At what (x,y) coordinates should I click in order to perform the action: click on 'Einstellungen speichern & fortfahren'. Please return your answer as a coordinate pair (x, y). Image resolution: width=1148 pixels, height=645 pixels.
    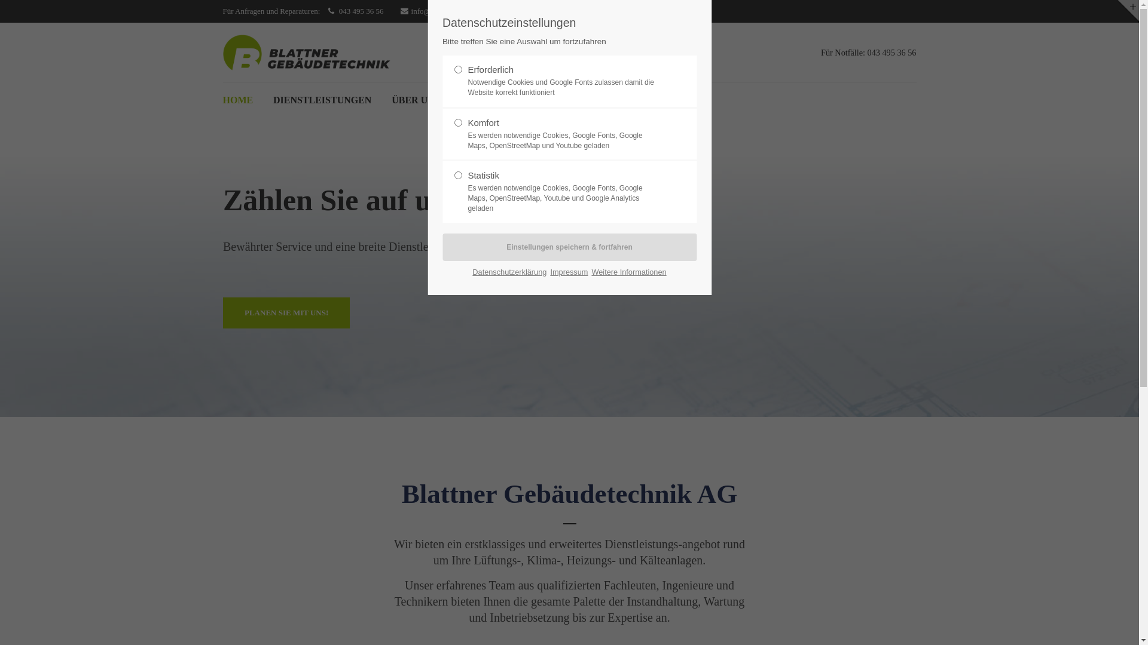
    Looking at the image, I should click on (569, 246).